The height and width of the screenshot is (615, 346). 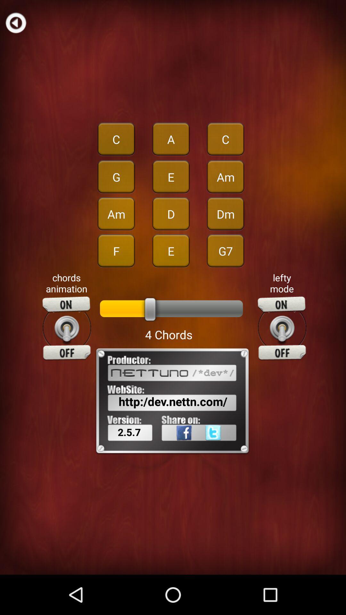 What do you see at coordinates (173, 401) in the screenshot?
I see `the item above the 2.5.7 item` at bounding box center [173, 401].